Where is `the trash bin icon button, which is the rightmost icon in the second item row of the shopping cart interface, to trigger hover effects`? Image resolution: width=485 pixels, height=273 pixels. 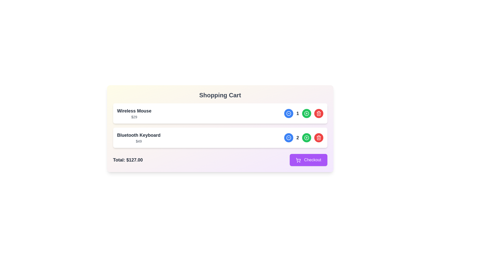 the trash bin icon button, which is the rightmost icon in the second item row of the shopping cart interface, to trigger hover effects is located at coordinates (318, 113).